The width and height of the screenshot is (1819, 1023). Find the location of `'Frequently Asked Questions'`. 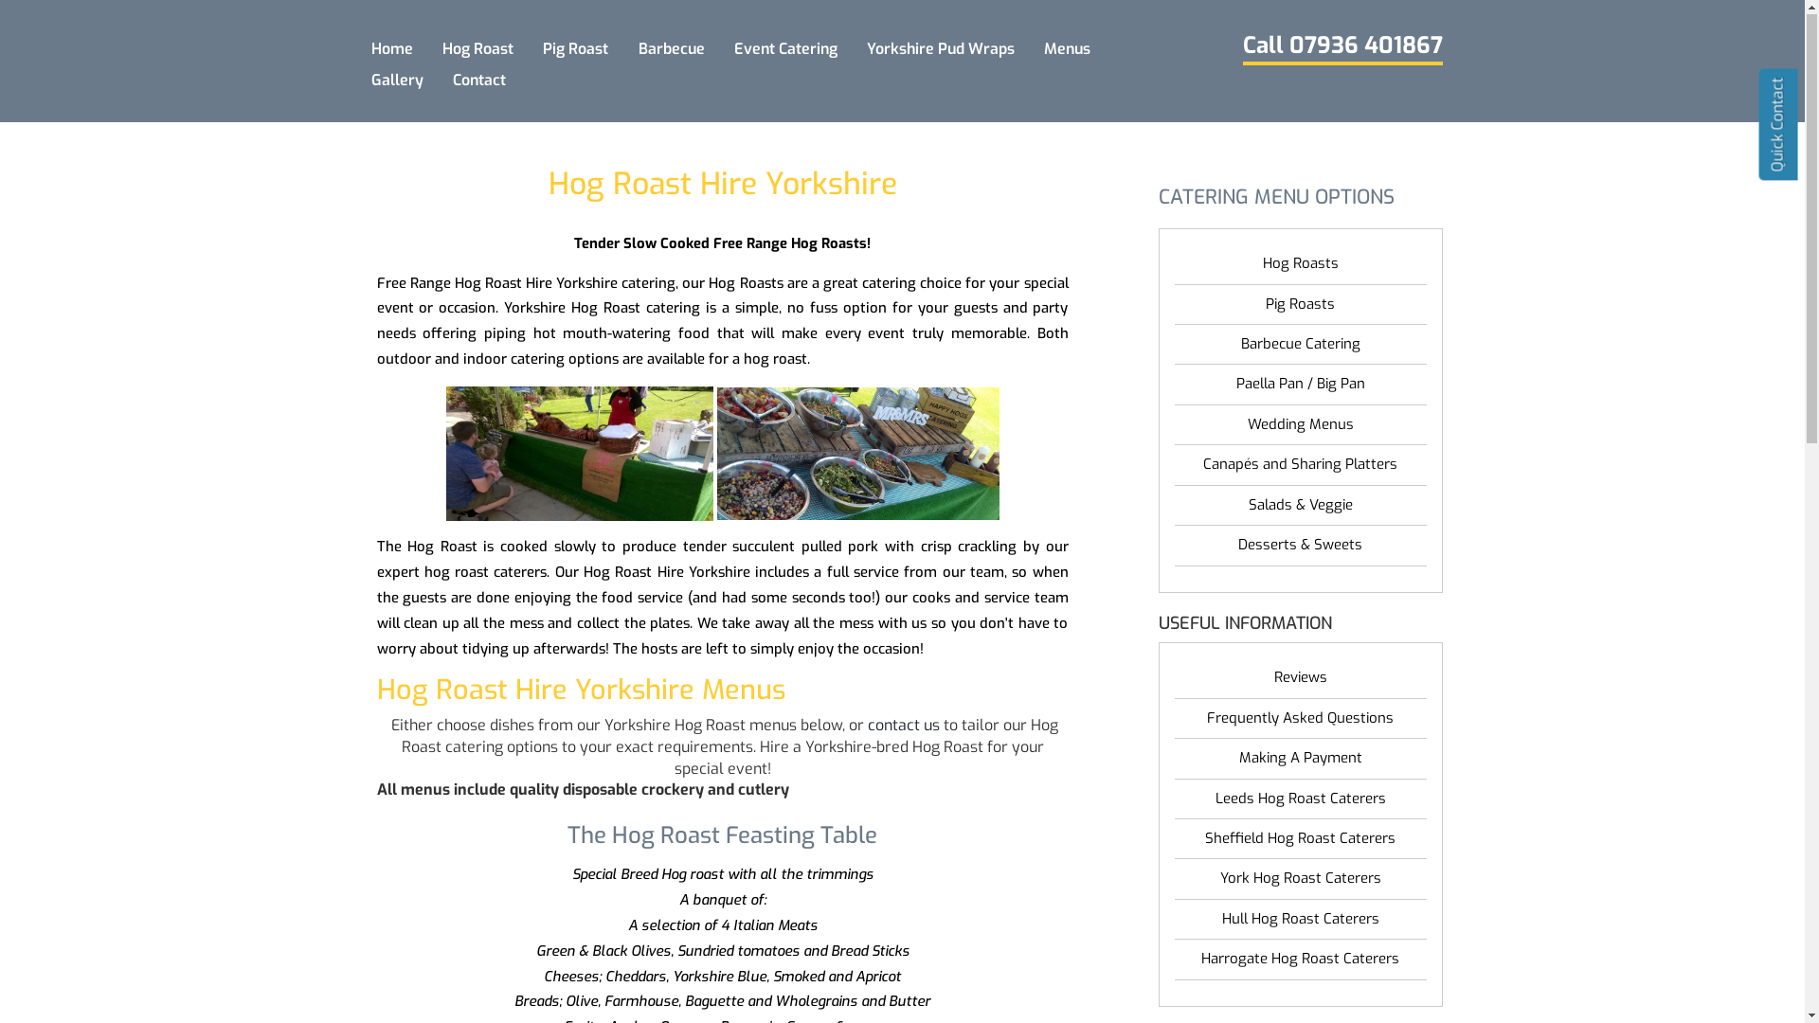

'Frequently Asked Questions' is located at coordinates (1299, 719).